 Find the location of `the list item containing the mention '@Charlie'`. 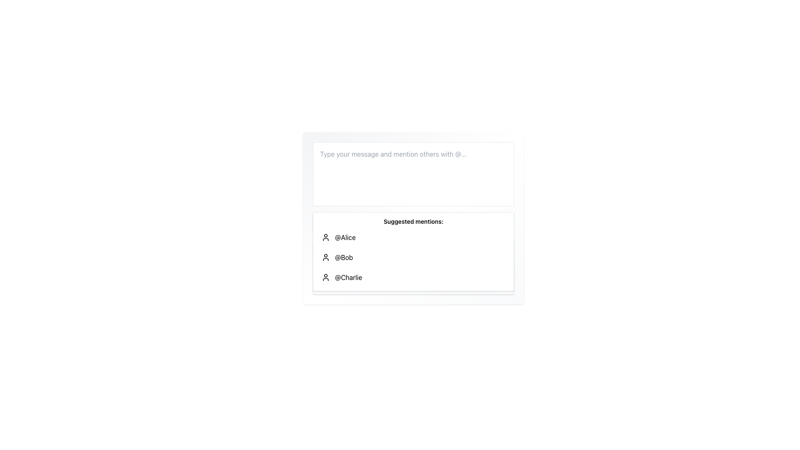

the list item containing the mention '@Charlie' is located at coordinates (413, 277).